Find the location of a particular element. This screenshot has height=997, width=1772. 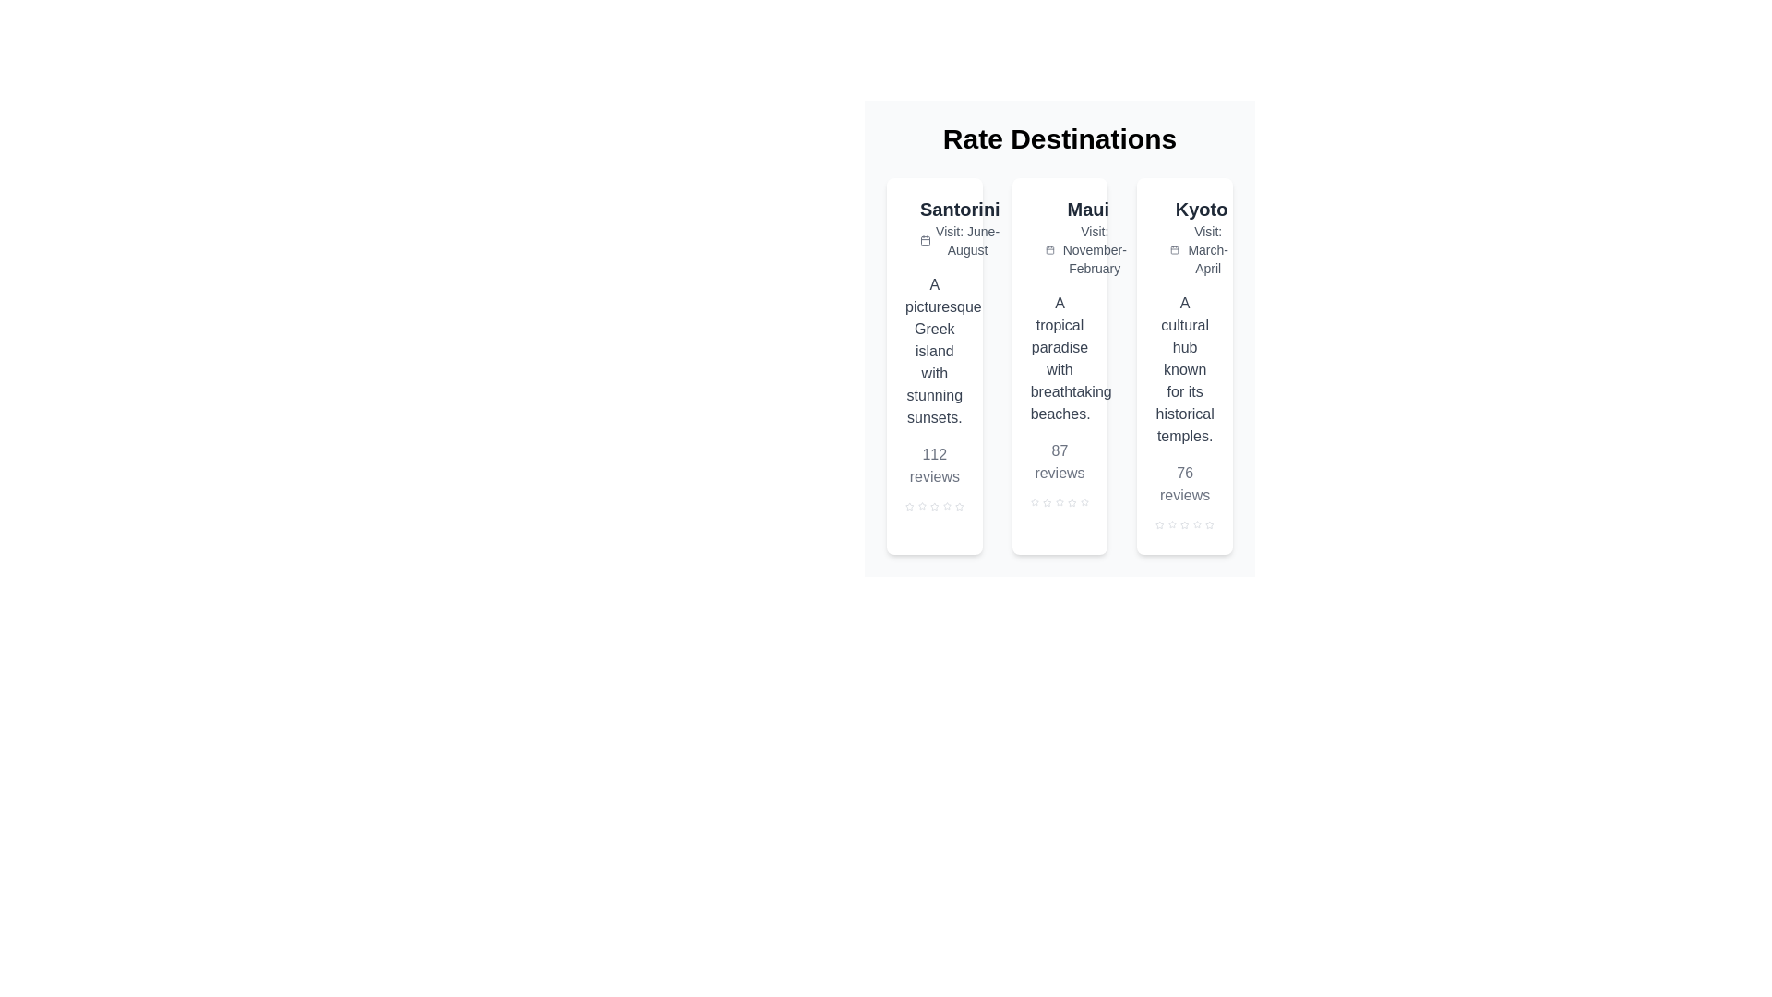

the text label displaying 'Kyoto', which is styled in bold and serves as the main heading in the third card section, positioned above 'Visit: March-April' is located at coordinates (1202, 209).